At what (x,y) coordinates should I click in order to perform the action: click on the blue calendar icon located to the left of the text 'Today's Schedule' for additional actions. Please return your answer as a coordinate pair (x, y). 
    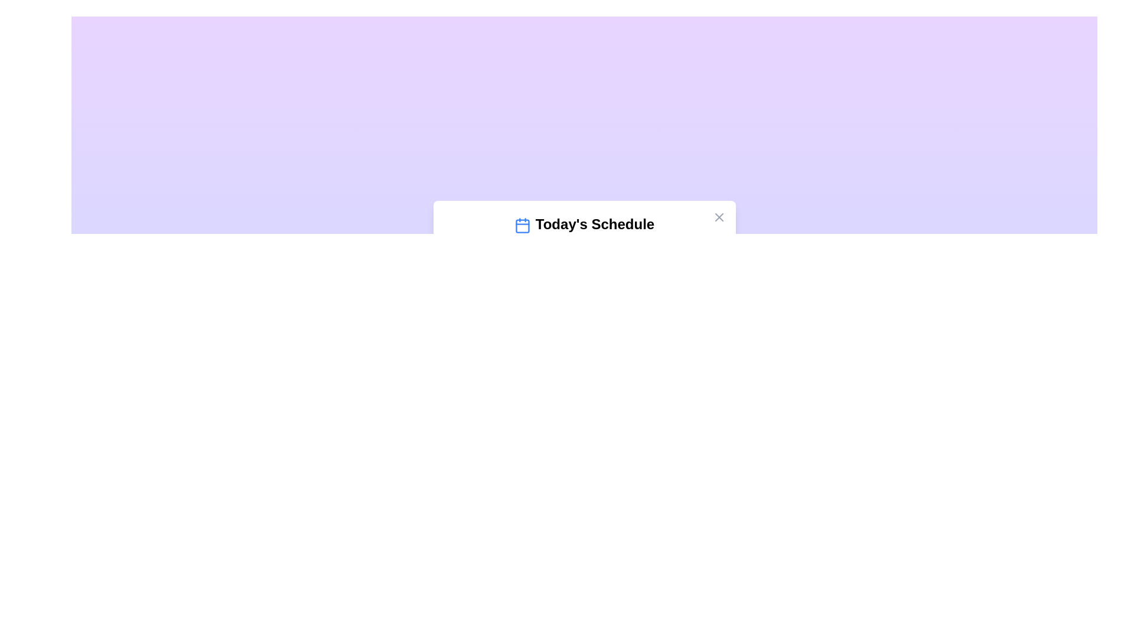
    Looking at the image, I should click on (522, 225).